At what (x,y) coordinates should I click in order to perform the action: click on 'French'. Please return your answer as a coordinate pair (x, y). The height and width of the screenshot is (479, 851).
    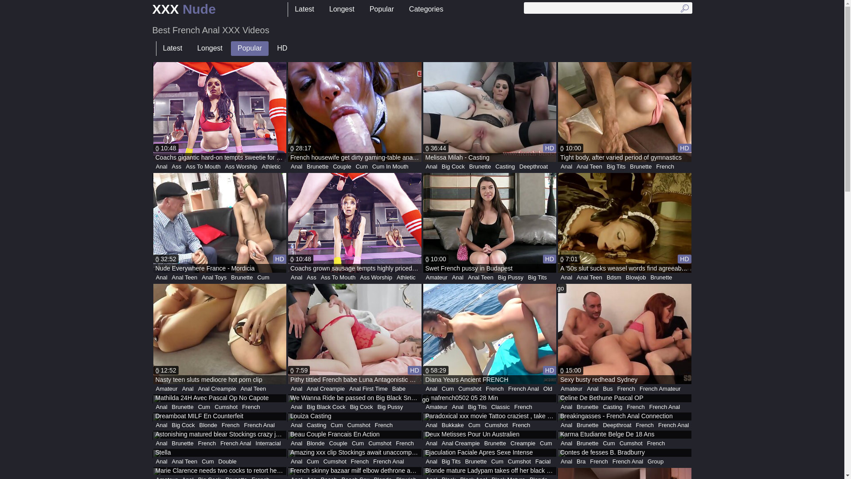
    Looking at the image, I should click on (494, 388).